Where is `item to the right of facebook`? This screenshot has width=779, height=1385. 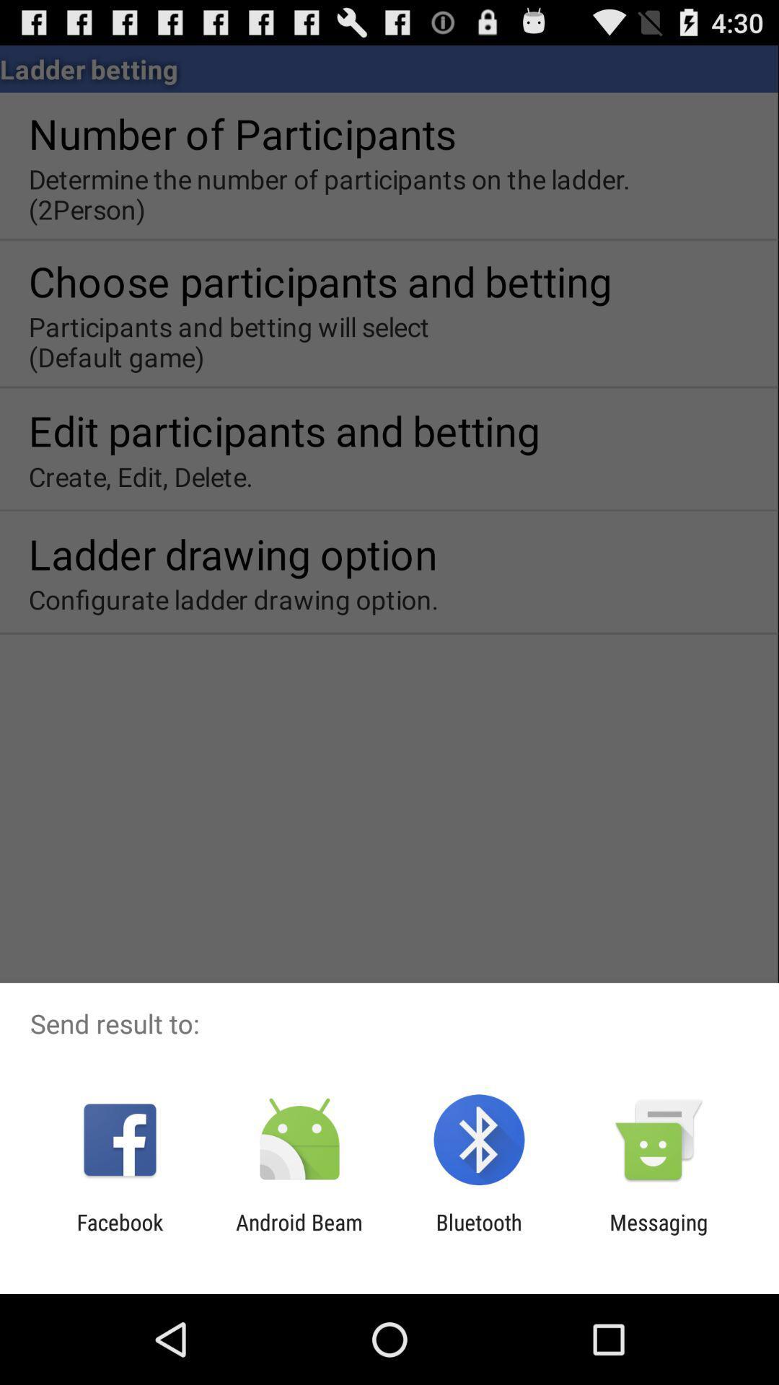
item to the right of facebook is located at coordinates (299, 1234).